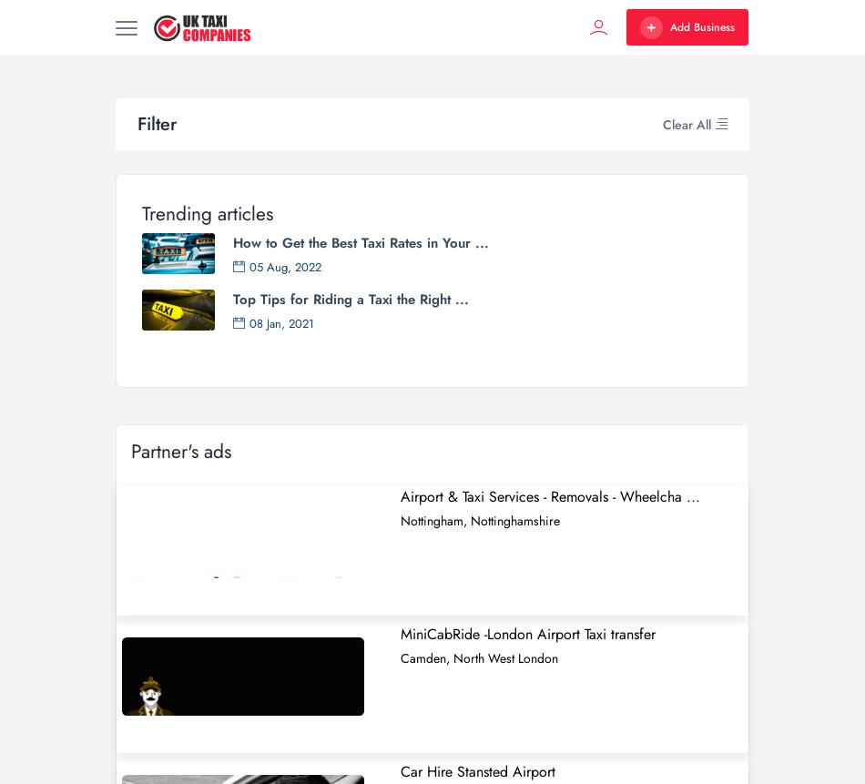 The width and height of the screenshot is (865, 784). I want to click on 'Paul’s Taxis Haverfordwest offer a Taxi service covering Haverfordwest and Pembrokeshire transfers to and from all UK & local airports, ferry ports, and railway stations. Paul’s taxi Service is', so click(547, 148).